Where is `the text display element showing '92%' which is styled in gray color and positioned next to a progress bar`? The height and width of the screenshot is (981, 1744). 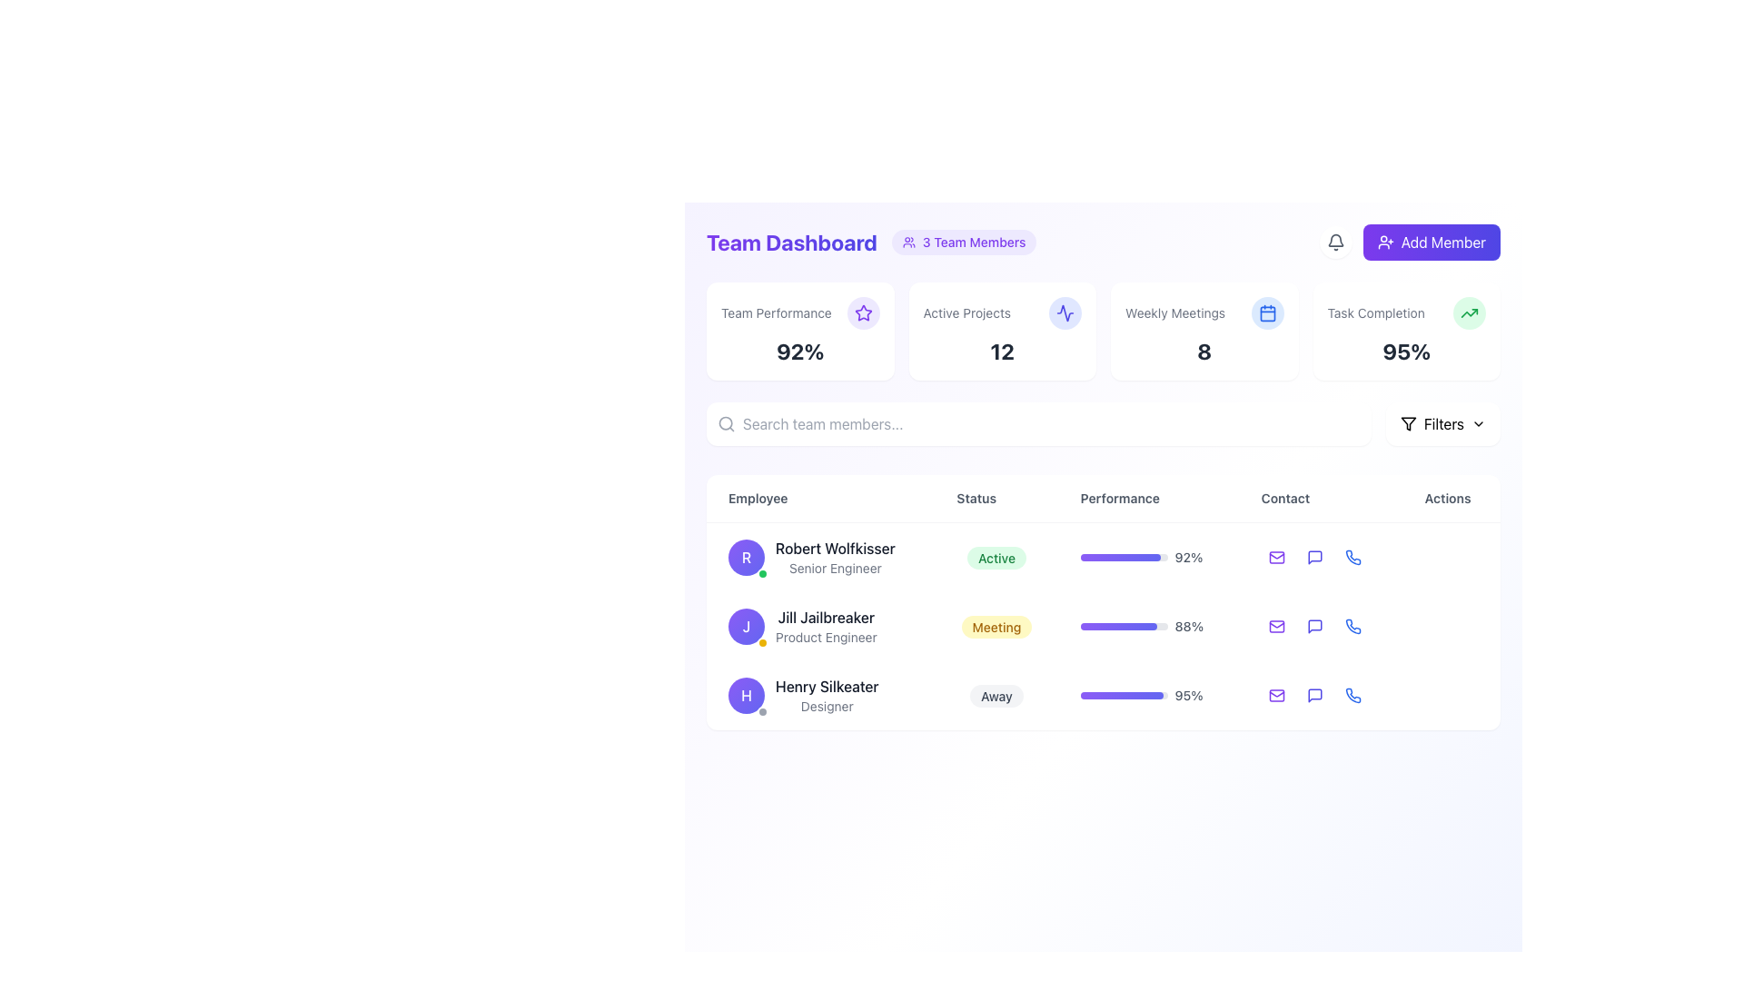 the text display element showing '92%' which is styled in gray color and positioned next to a progress bar is located at coordinates (1189, 556).